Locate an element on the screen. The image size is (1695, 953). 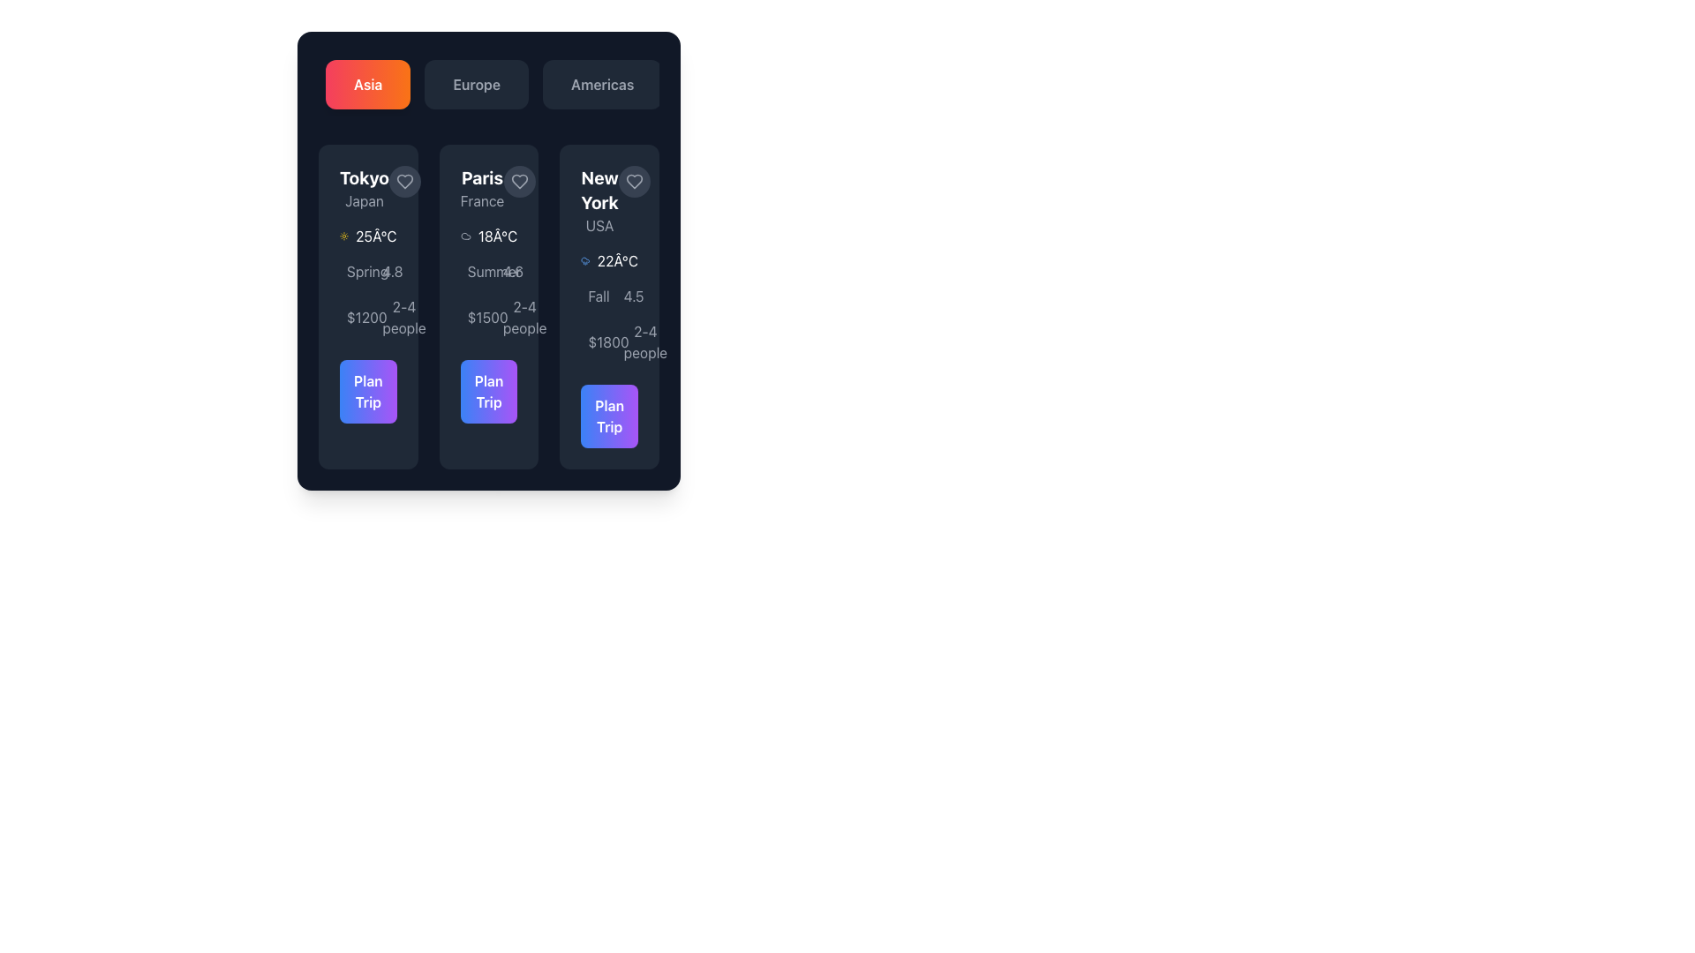
the static text label displaying the cost associated with the travel package in the 'New York, USA' card, located below the 'Fall' and ratings information is located at coordinates (608, 342).